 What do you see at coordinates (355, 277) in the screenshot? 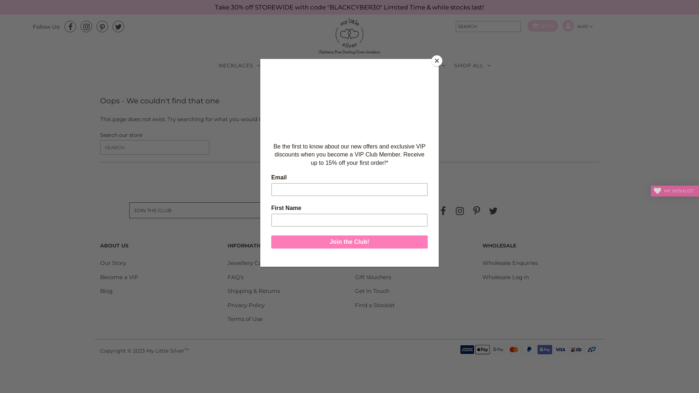
I see `'Gift Vouchers'` at bounding box center [355, 277].